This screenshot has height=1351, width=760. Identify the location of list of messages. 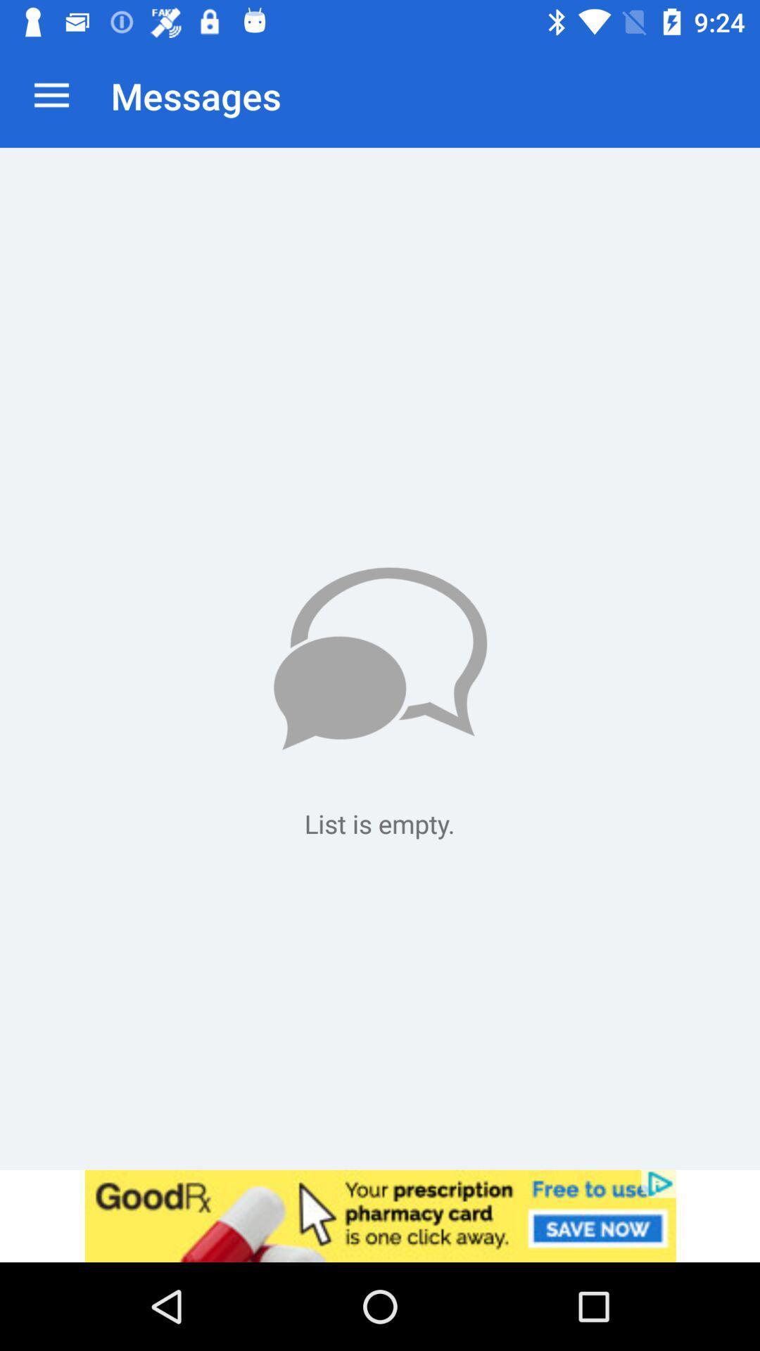
(380, 658).